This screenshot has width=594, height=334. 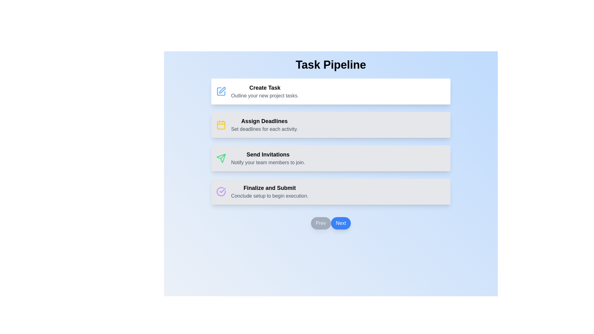 What do you see at coordinates (269, 196) in the screenshot?
I see `the static text element that reads 'Conclude setup to begin execution,' which is located below the title 'Finalize and Submit.'` at bounding box center [269, 196].